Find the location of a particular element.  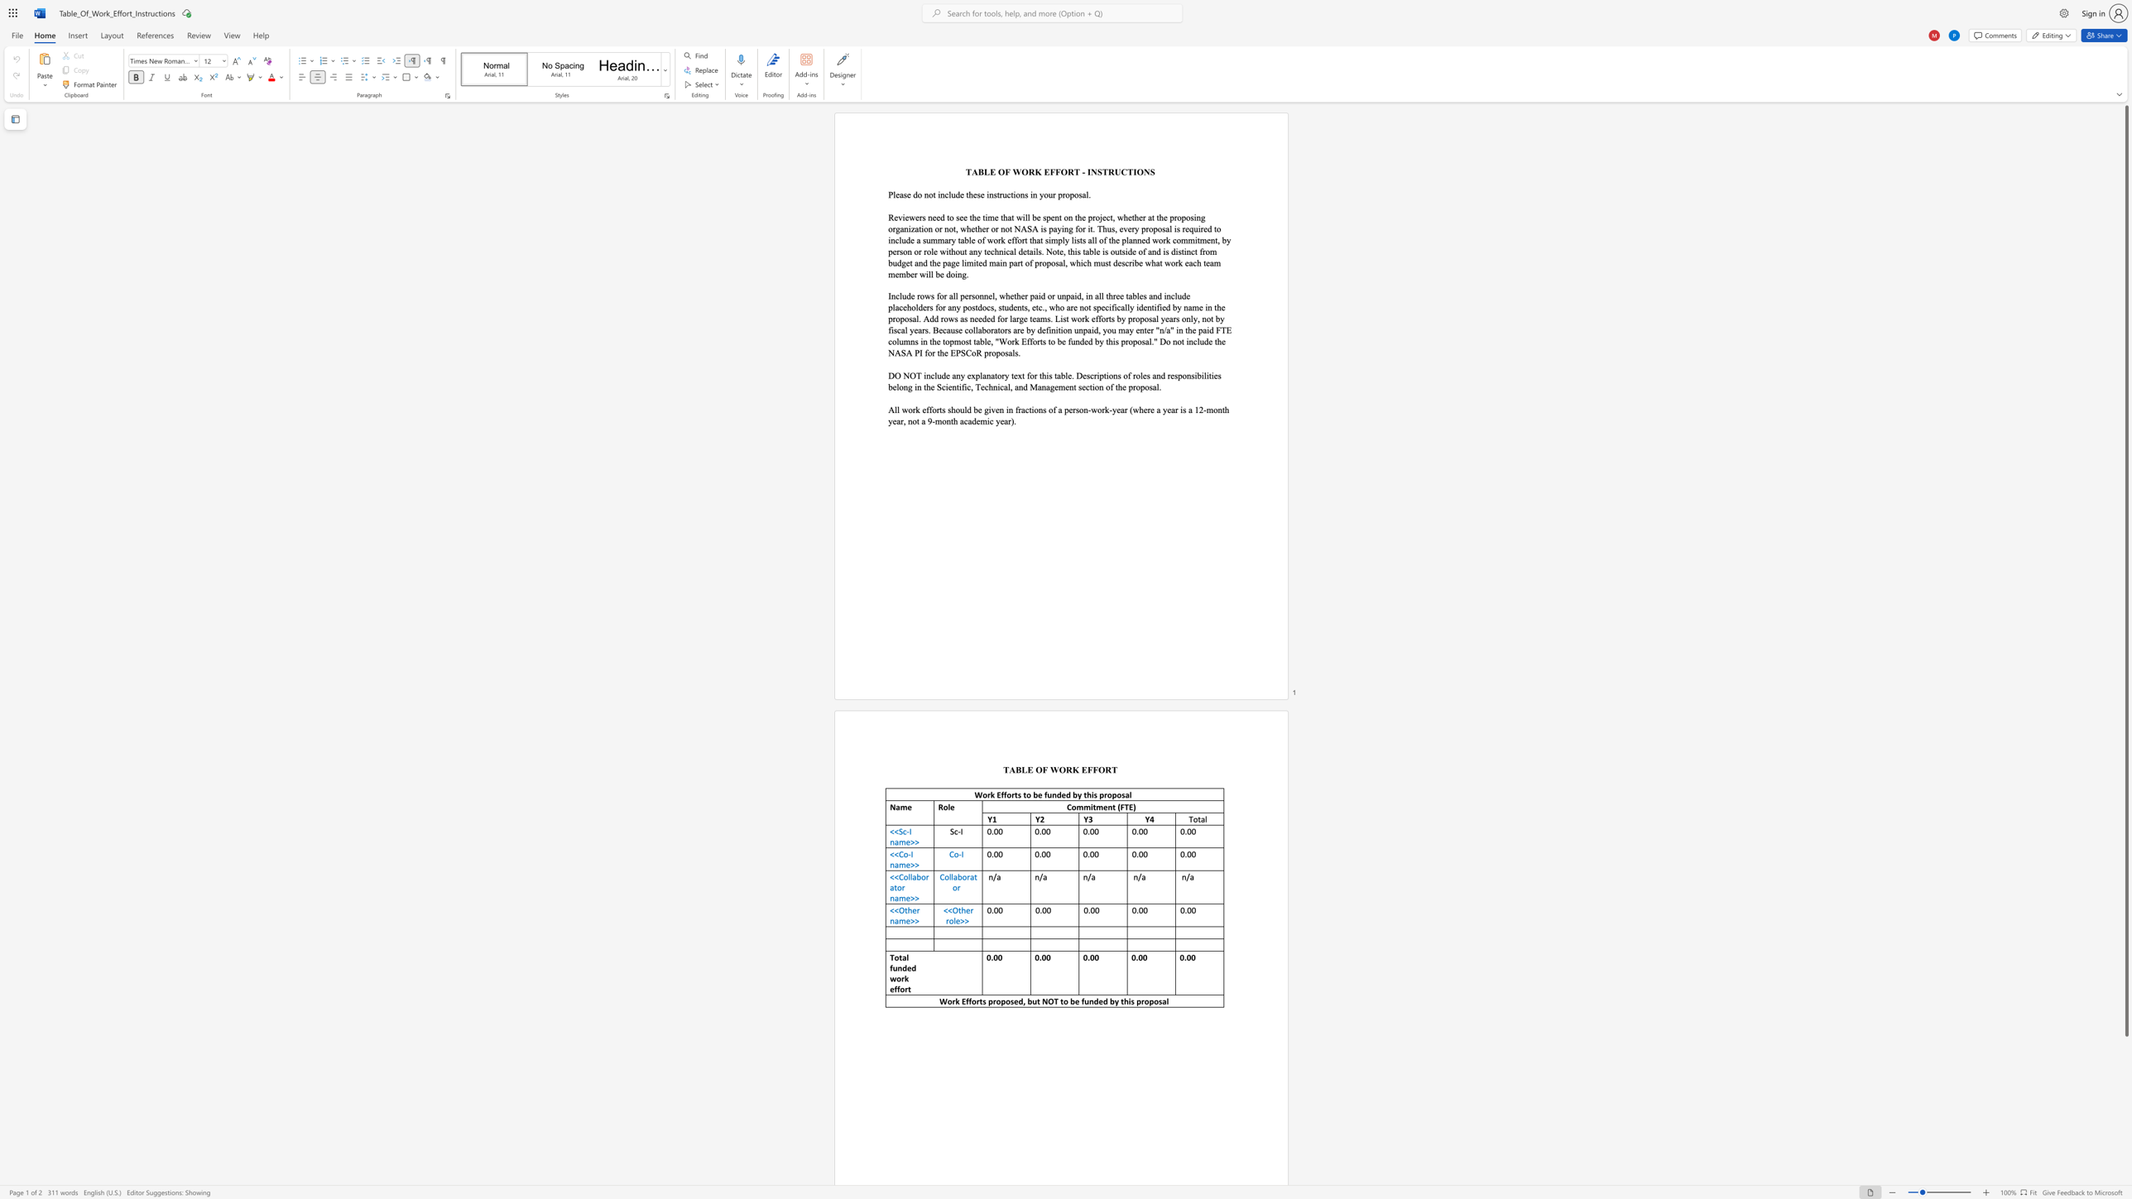

the scrollbar to move the view down is located at coordinates (2125, 1049).